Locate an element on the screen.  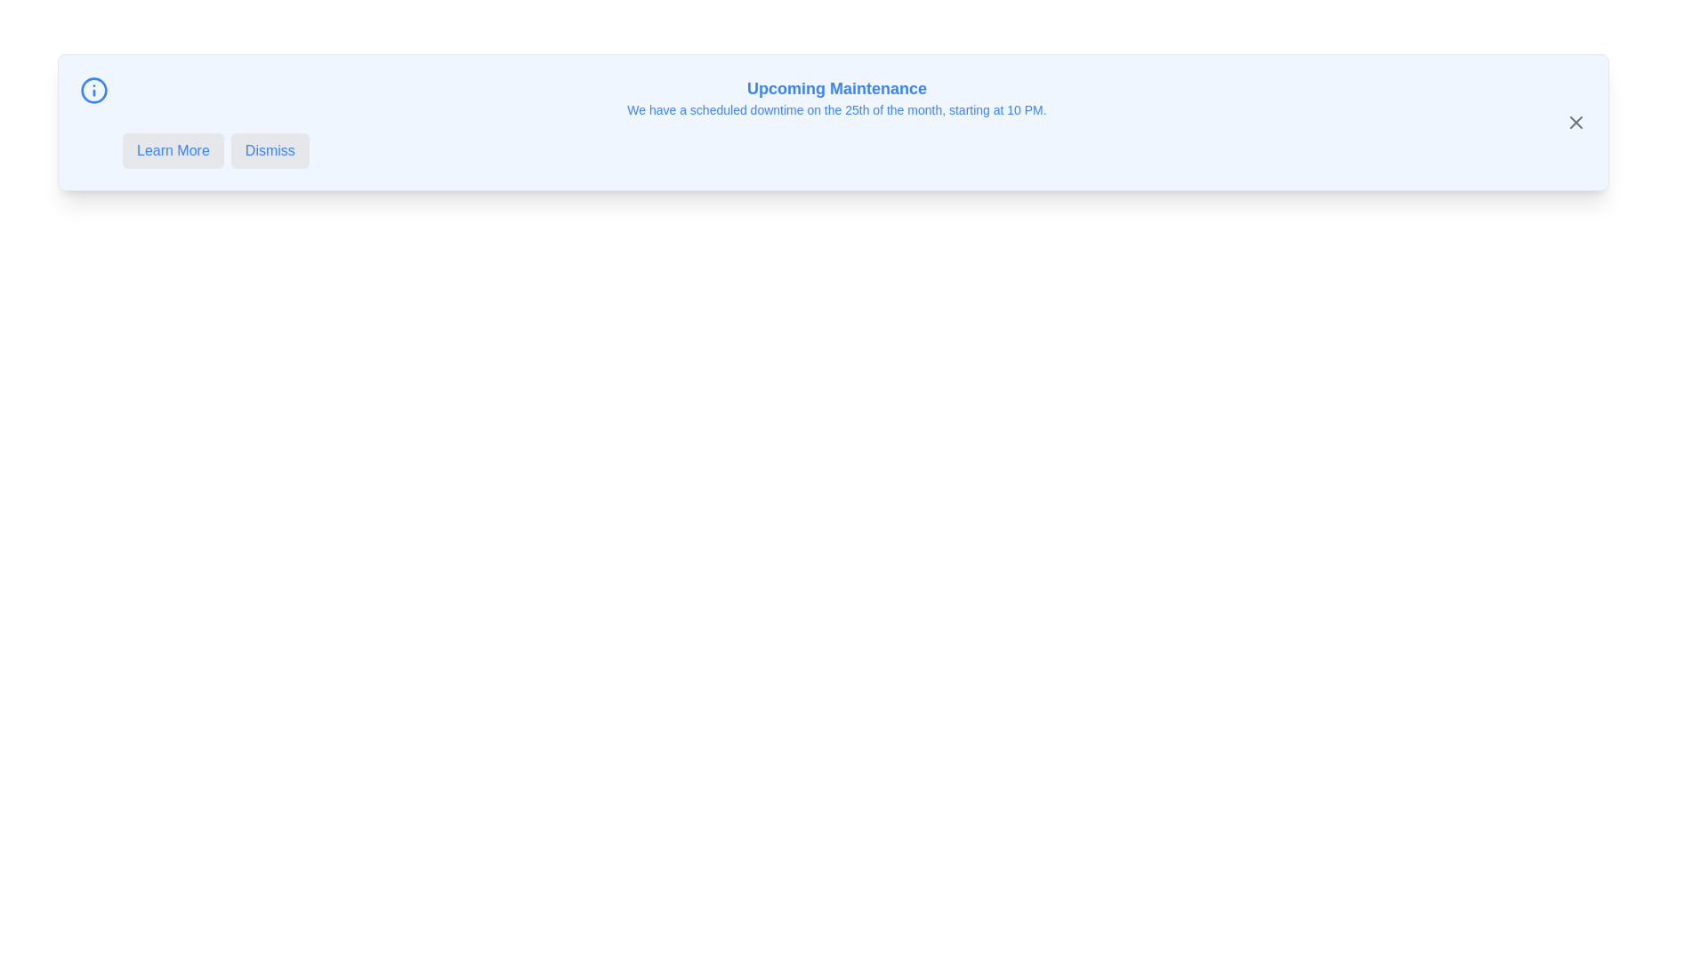
the small grey button with an 'X' icon located at the far right of the blue notification bar to observe its color change is located at coordinates (1575, 122).